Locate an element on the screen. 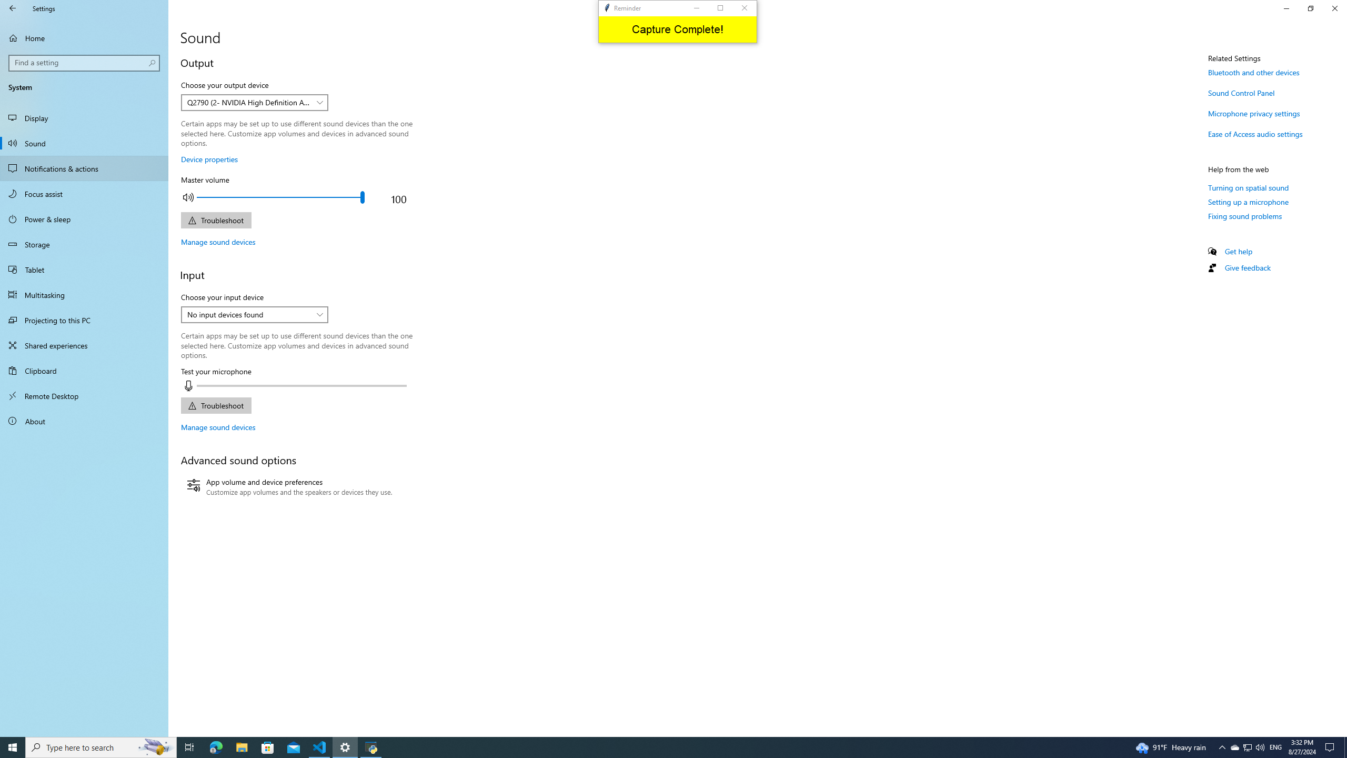 This screenshot has height=758, width=1347. 'Search box, Find a setting' is located at coordinates (84, 62).